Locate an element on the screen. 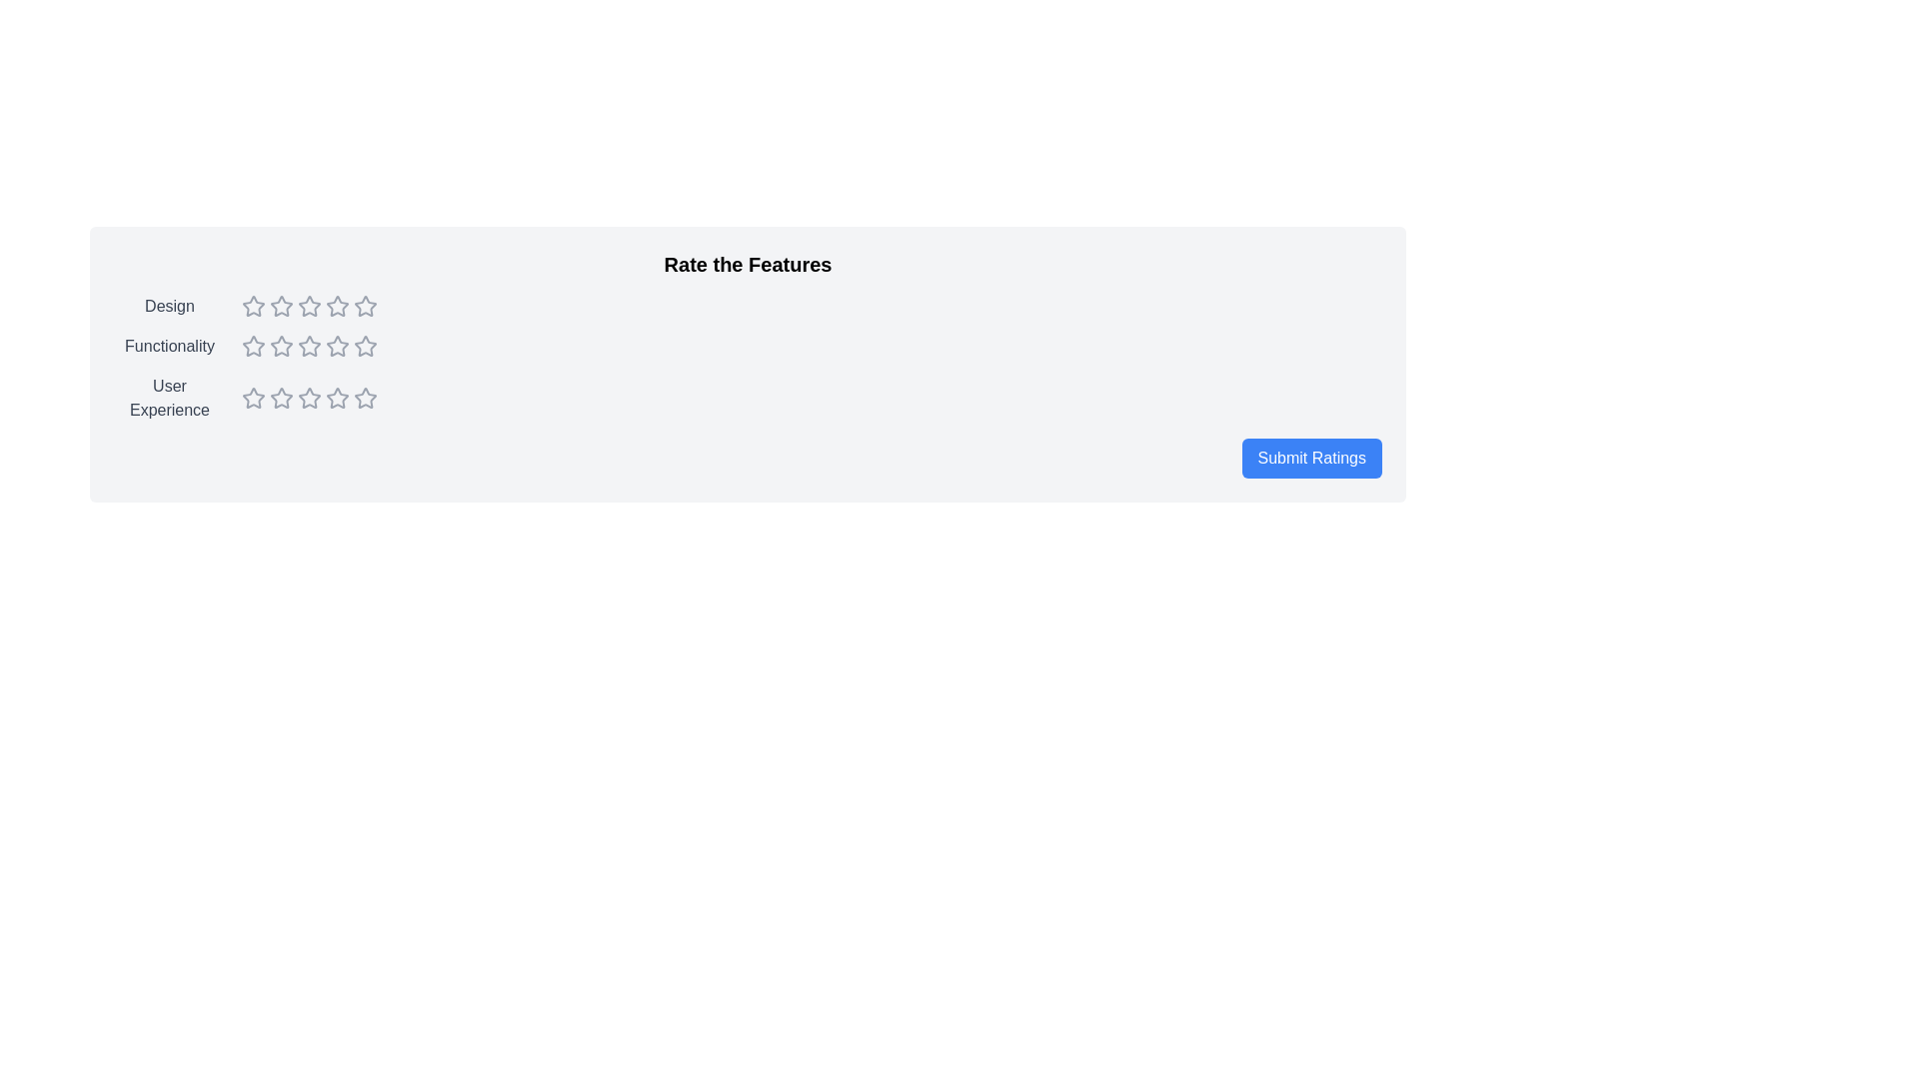 Image resolution: width=1919 pixels, height=1079 pixels. the fourth star-shaped rating icon with a hollow center and a silver/gray outline in the 'User Experience' rating row is located at coordinates (364, 397).